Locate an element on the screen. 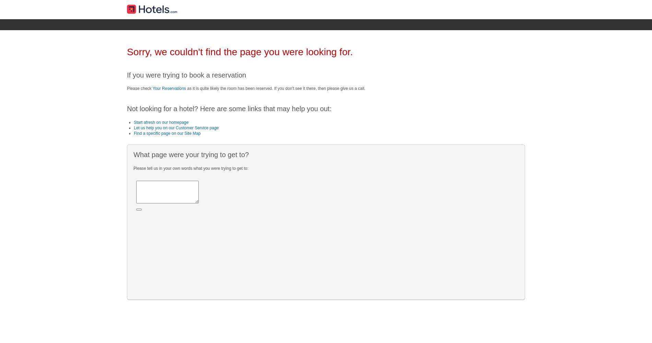 This screenshot has height=343, width=652. 'Not looking for a hotel? Here are some links that may help you out:' is located at coordinates (229, 108).